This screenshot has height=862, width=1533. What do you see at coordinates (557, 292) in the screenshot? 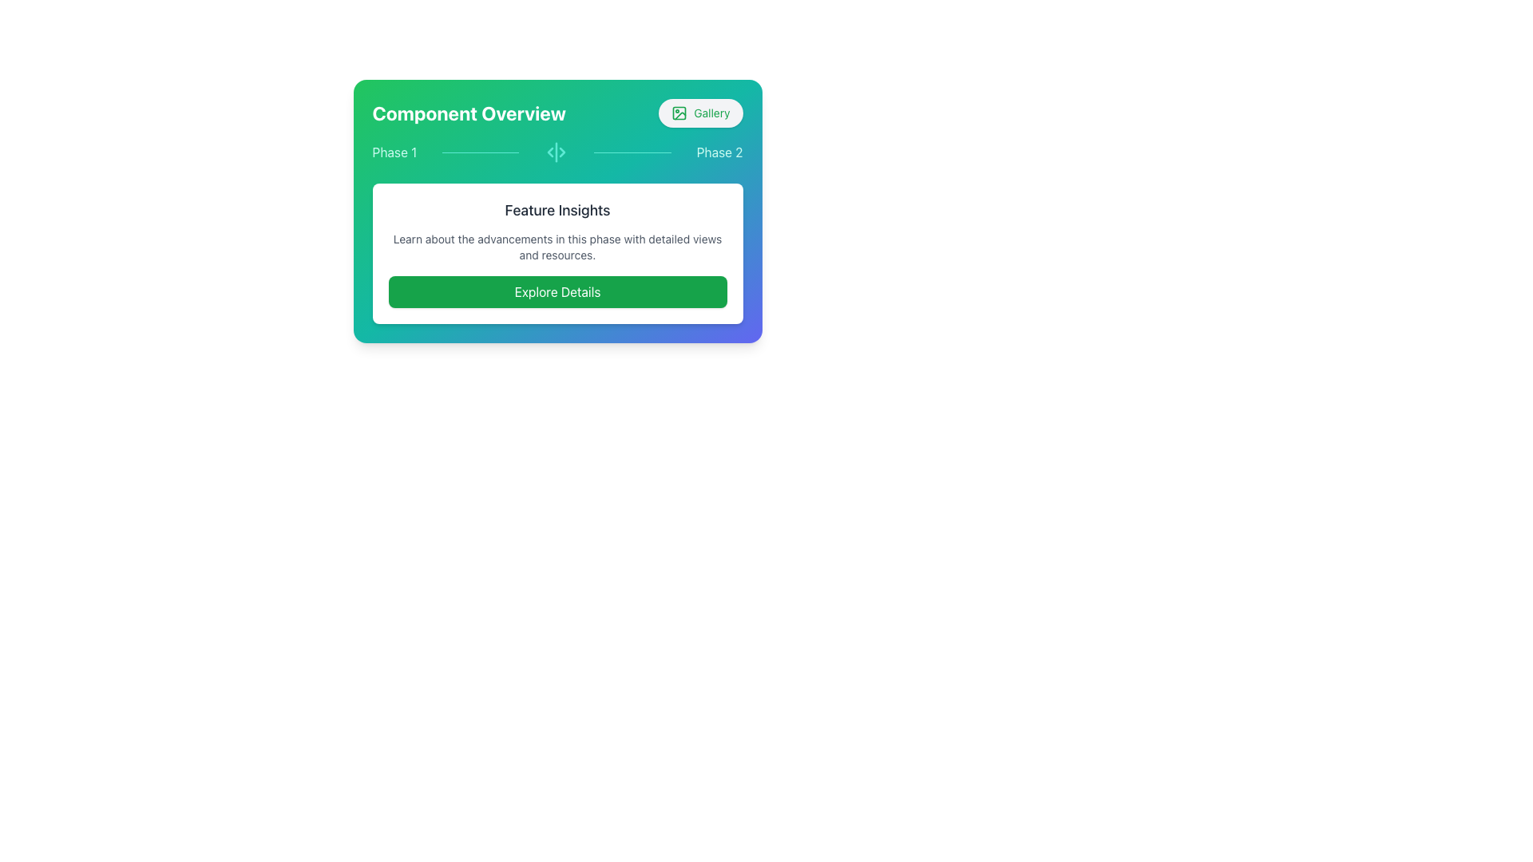
I see `the button located below the 'Feature Insights' title and description to activate its hover effect` at bounding box center [557, 292].